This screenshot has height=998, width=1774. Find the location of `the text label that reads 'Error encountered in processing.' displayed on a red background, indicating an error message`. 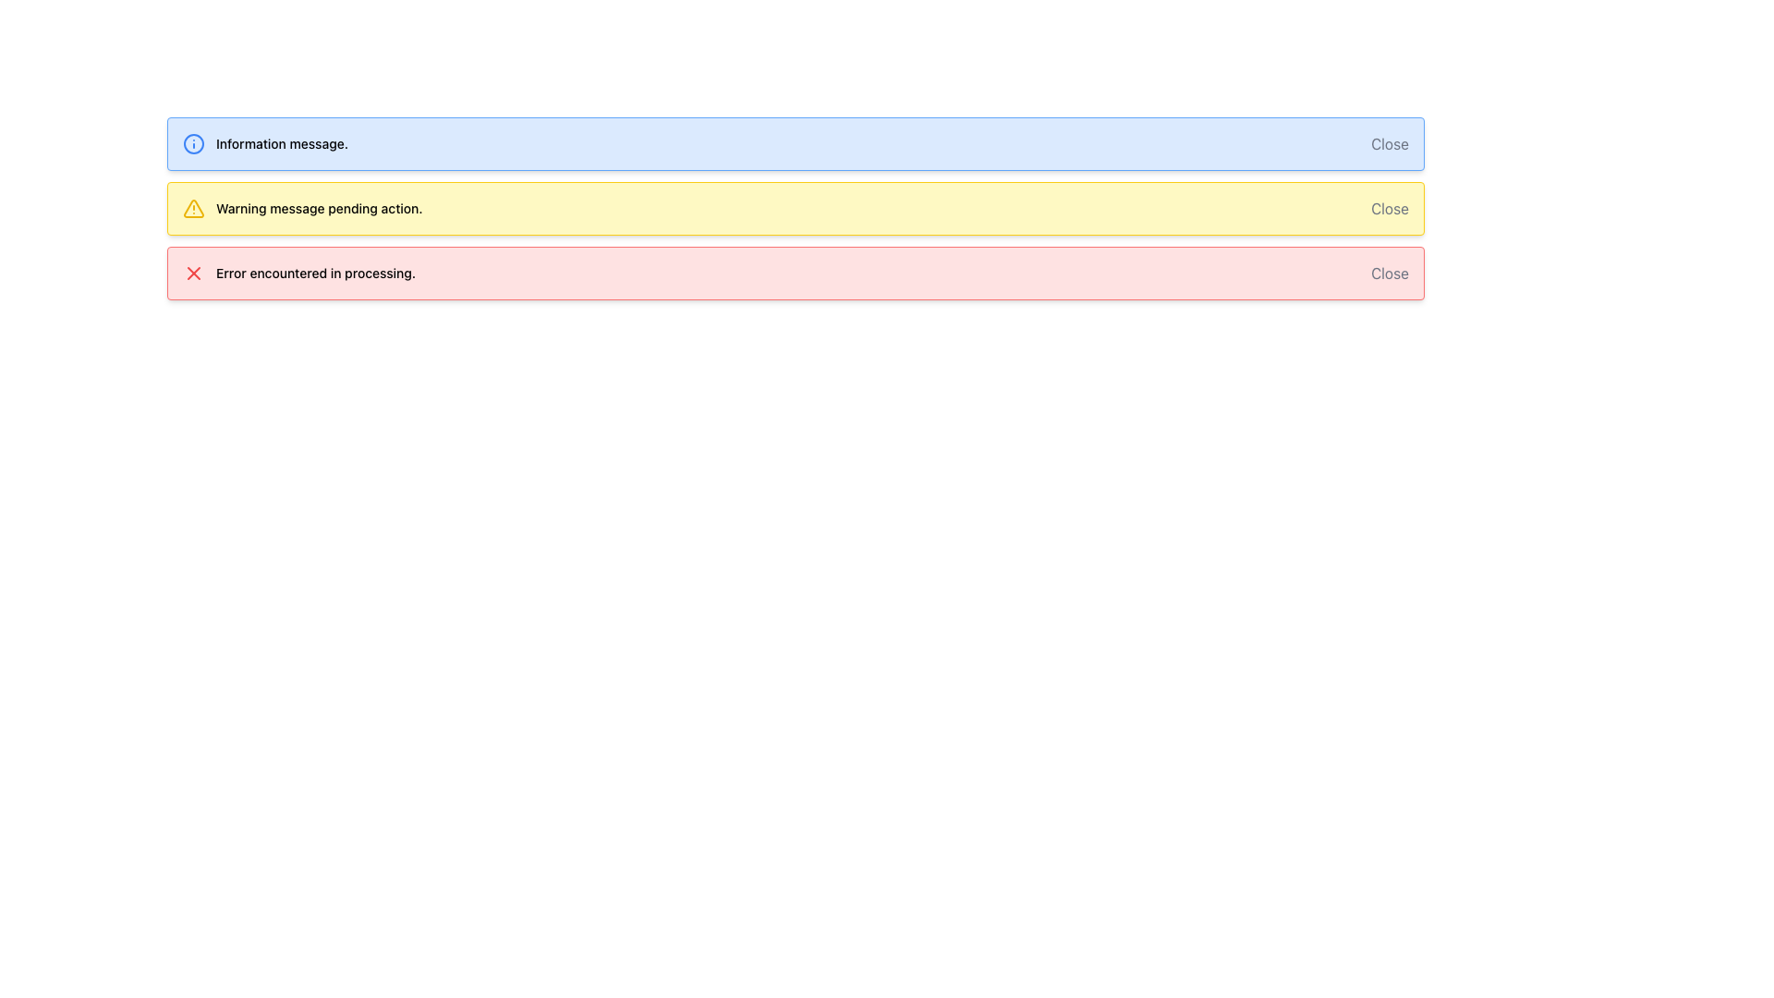

the text label that reads 'Error encountered in processing.' displayed on a red background, indicating an error message is located at coordinates (316, 274).